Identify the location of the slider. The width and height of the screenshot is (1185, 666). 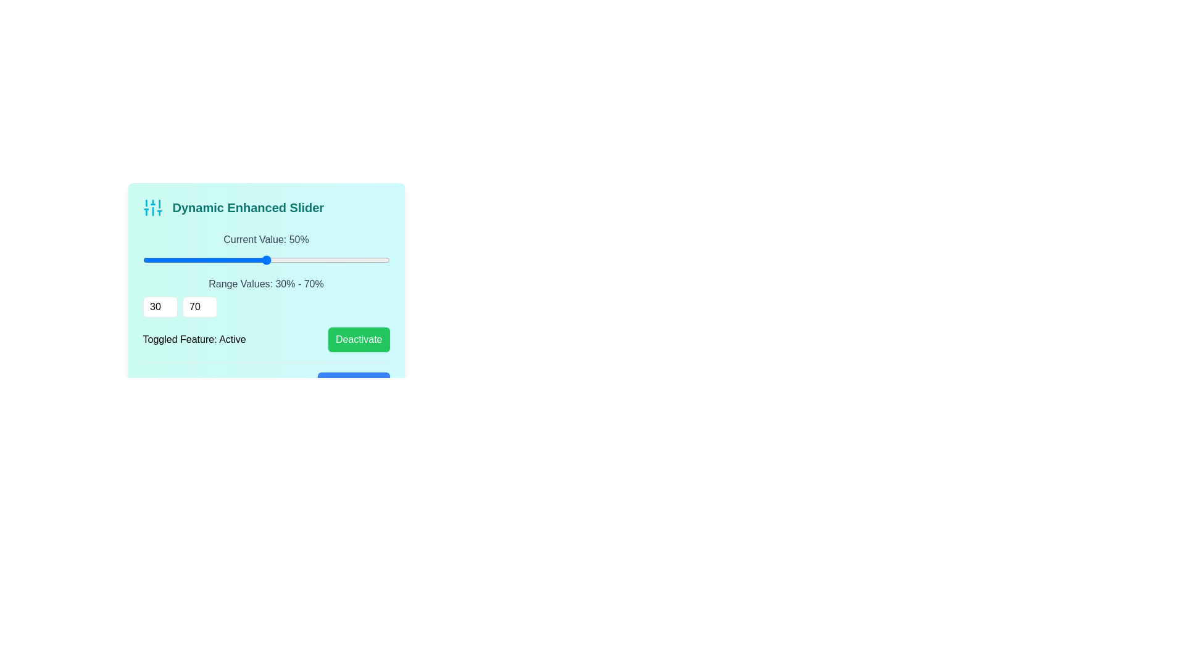
(253, 259).